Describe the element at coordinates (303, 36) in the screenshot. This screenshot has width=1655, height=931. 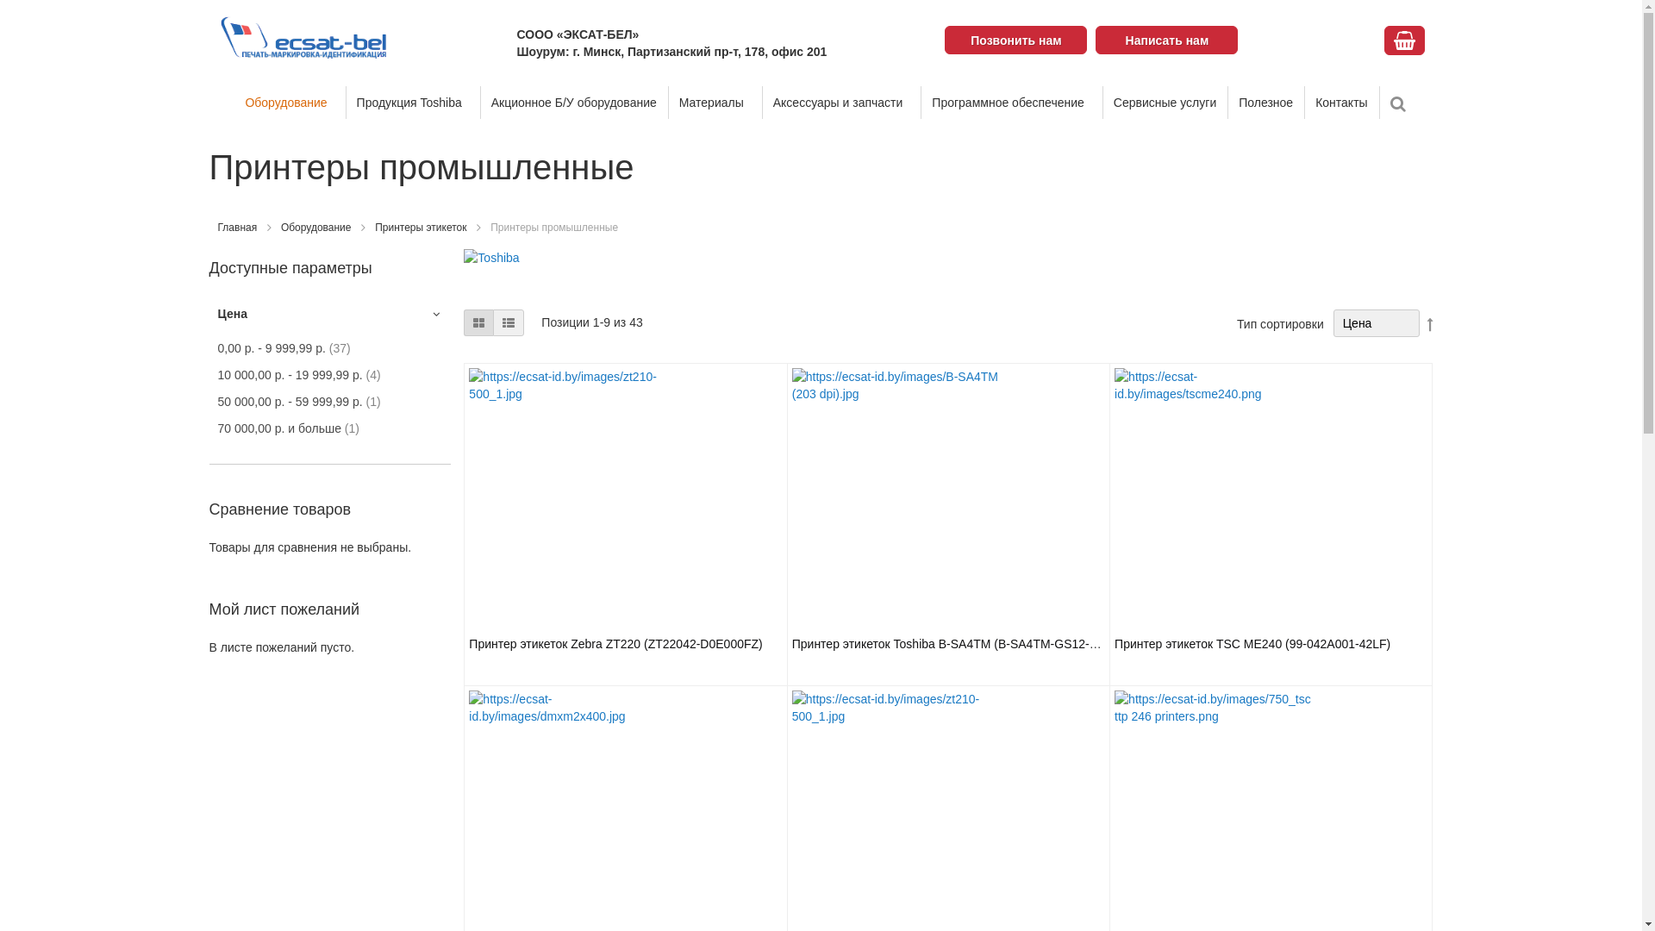
I see `'Ecsat-bel'` at that location.